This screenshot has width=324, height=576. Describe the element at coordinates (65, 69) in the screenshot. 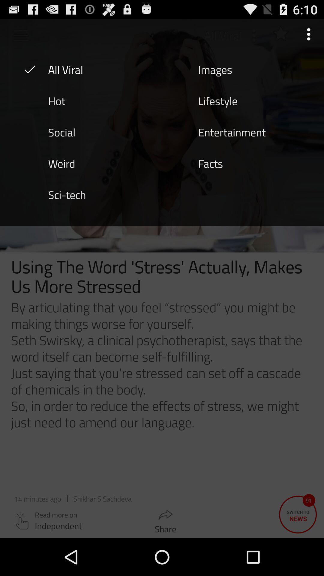

I see `the all viral` at that location.